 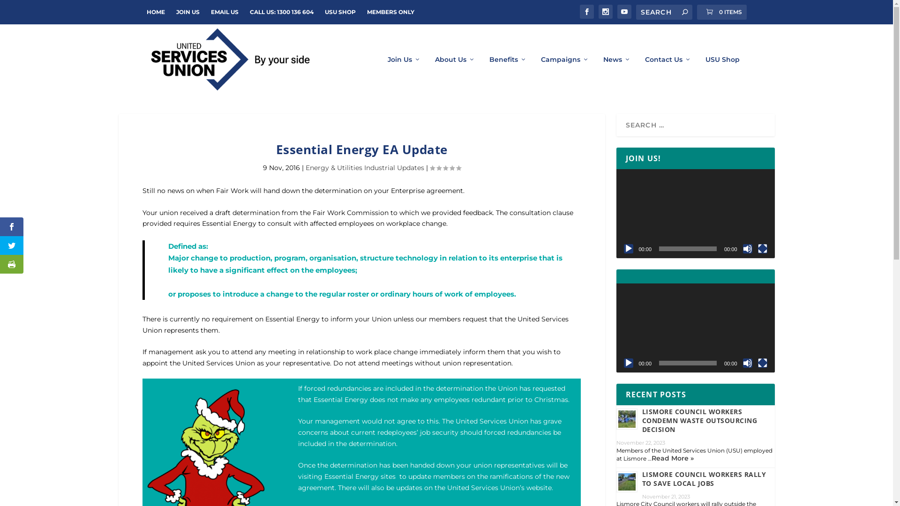 I want to click on 'Campaigns', so click(x=564, y=74).